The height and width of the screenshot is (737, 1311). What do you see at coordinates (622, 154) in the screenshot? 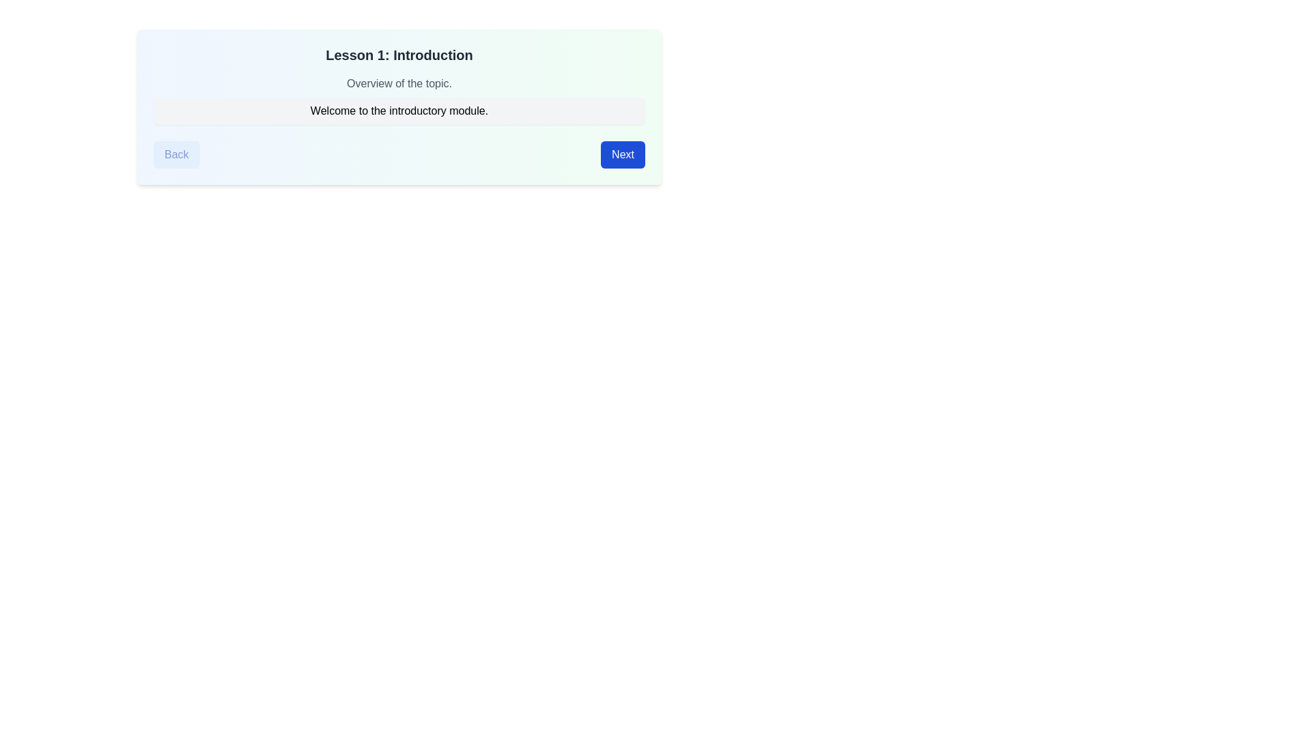
I see `the 'Next' button to navigate to the next lesson` at bounding box center [622, 154].